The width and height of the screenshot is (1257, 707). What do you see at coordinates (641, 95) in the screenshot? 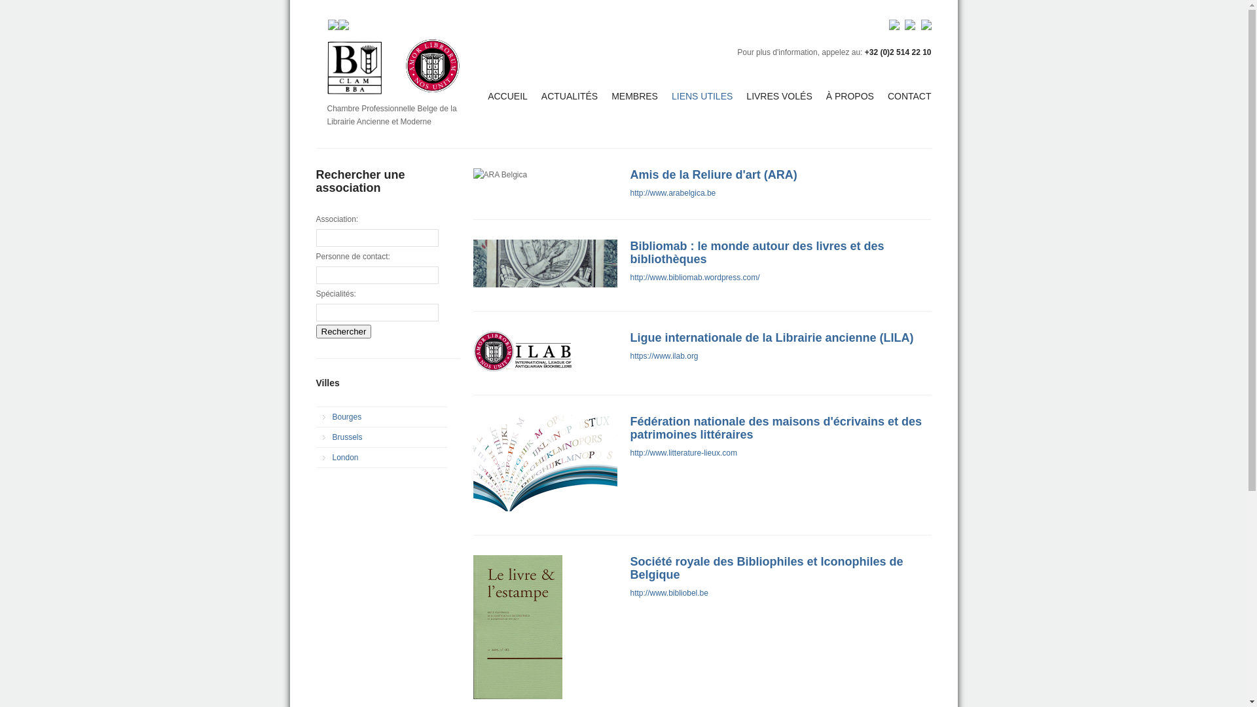
I see `'MEMBRES'` at bounding box center [641, 95].